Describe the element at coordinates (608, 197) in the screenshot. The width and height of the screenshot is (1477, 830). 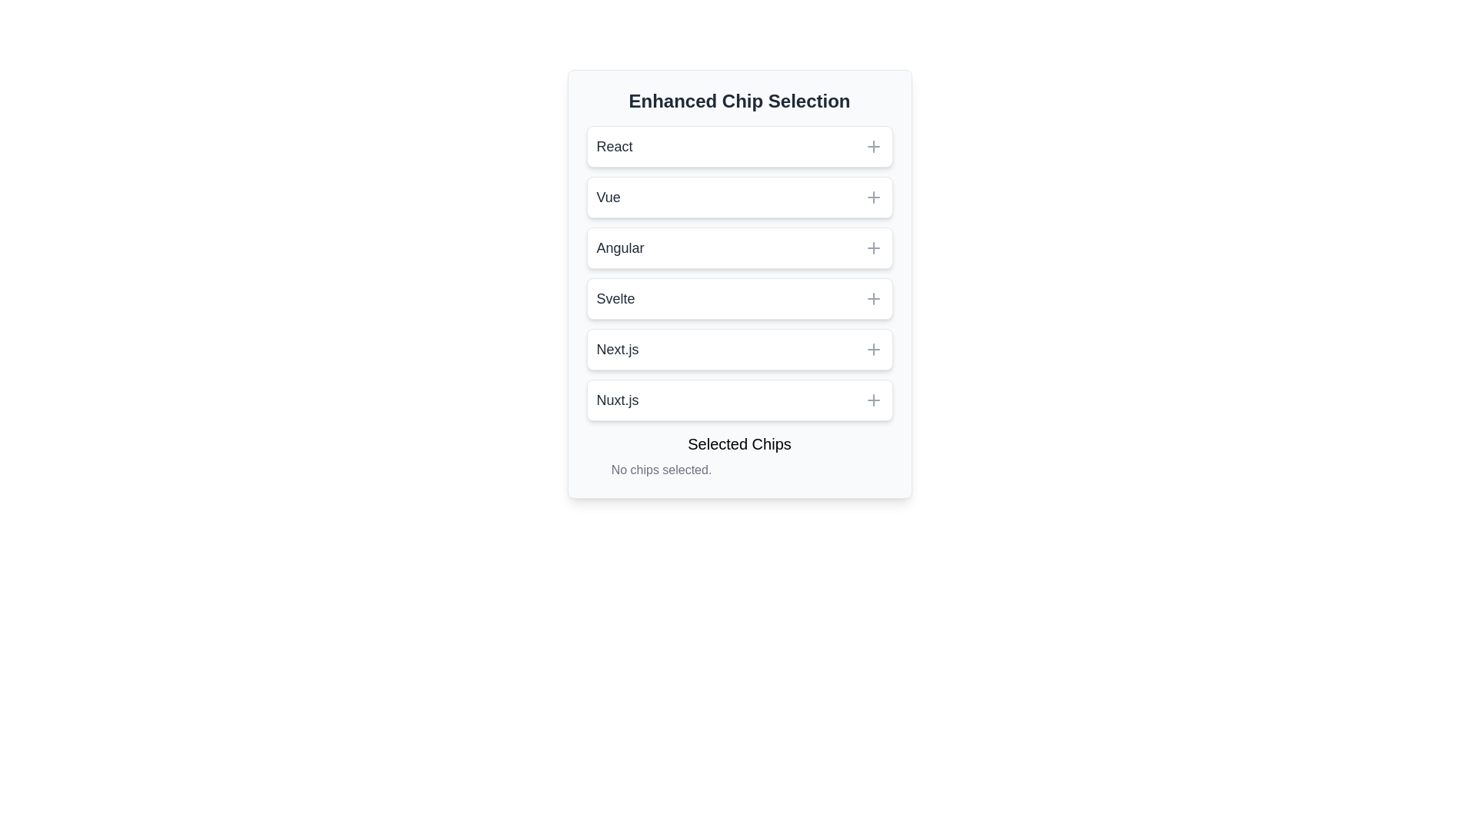
I see `the 'Vue' text label, which identifies the 'Vue' option in the list of choices, located in the second row between 'React' and 'Angular'` at that location.